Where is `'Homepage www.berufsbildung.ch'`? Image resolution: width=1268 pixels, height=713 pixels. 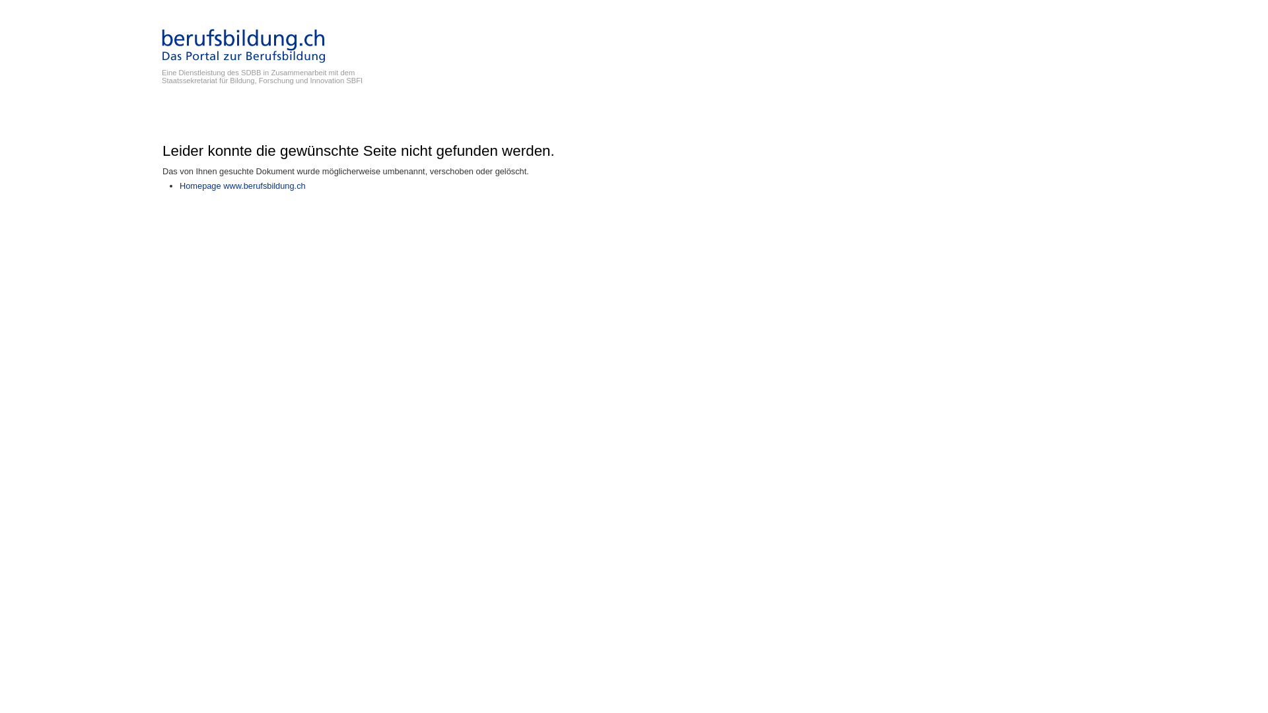 'Homepage www.berufsbildung.ch' is located at coordinates (242, 186).